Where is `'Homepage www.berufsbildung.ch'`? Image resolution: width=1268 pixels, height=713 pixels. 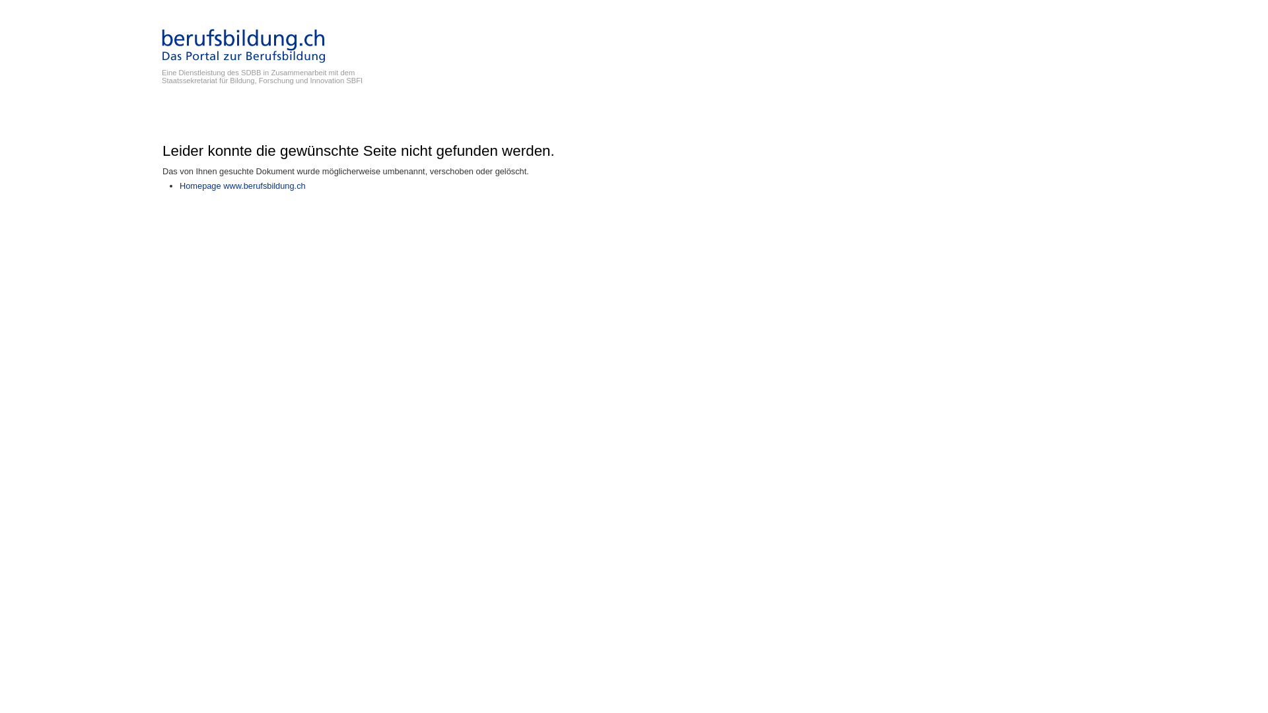 'Homepage www.berufsbildung.ch' is located at coordinates (242, 186).